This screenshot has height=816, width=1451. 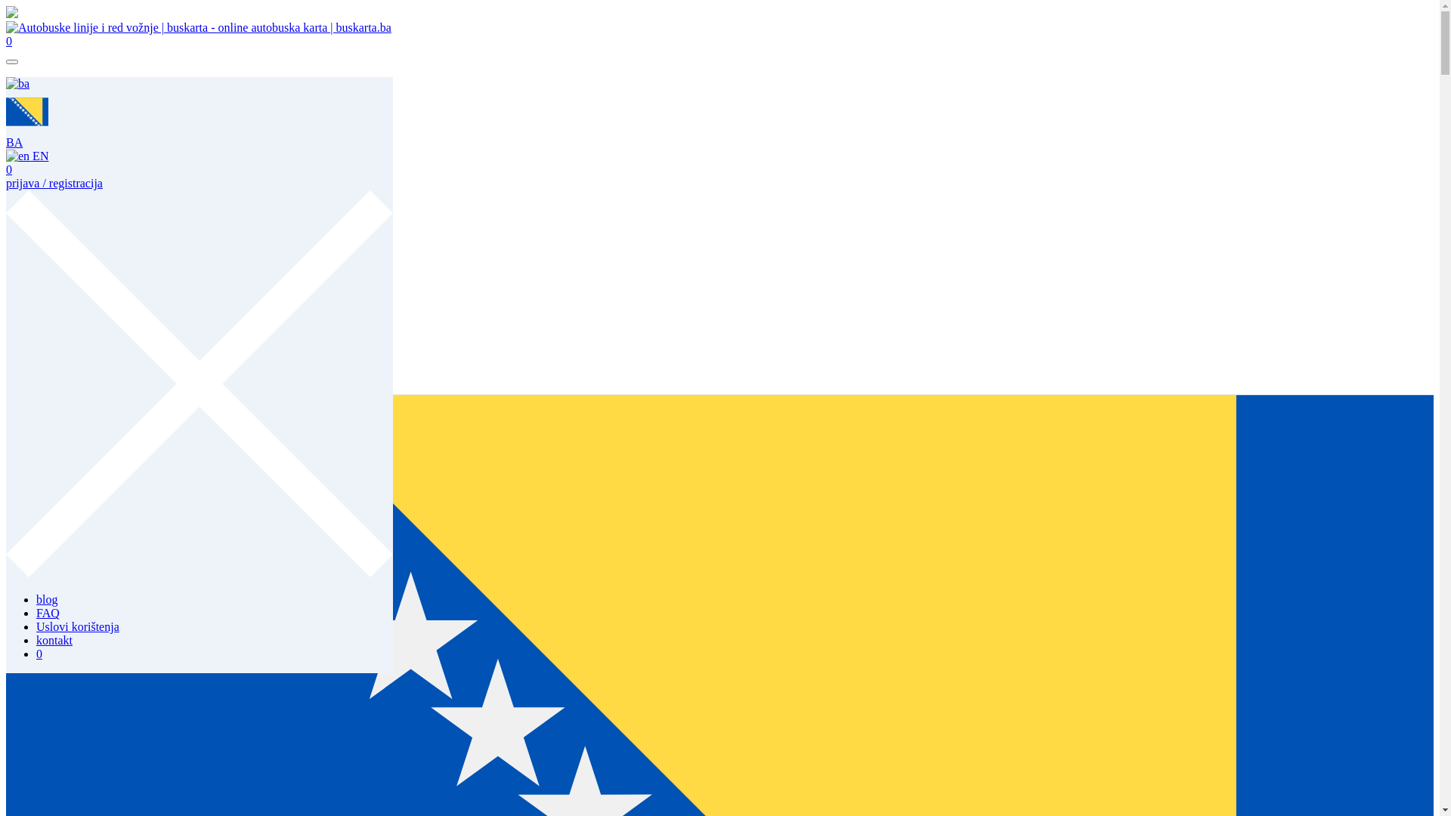 What do you see at coordinates (26, 156) in the screenshot?
I see `'EN'` at bounding box center [26, 156].